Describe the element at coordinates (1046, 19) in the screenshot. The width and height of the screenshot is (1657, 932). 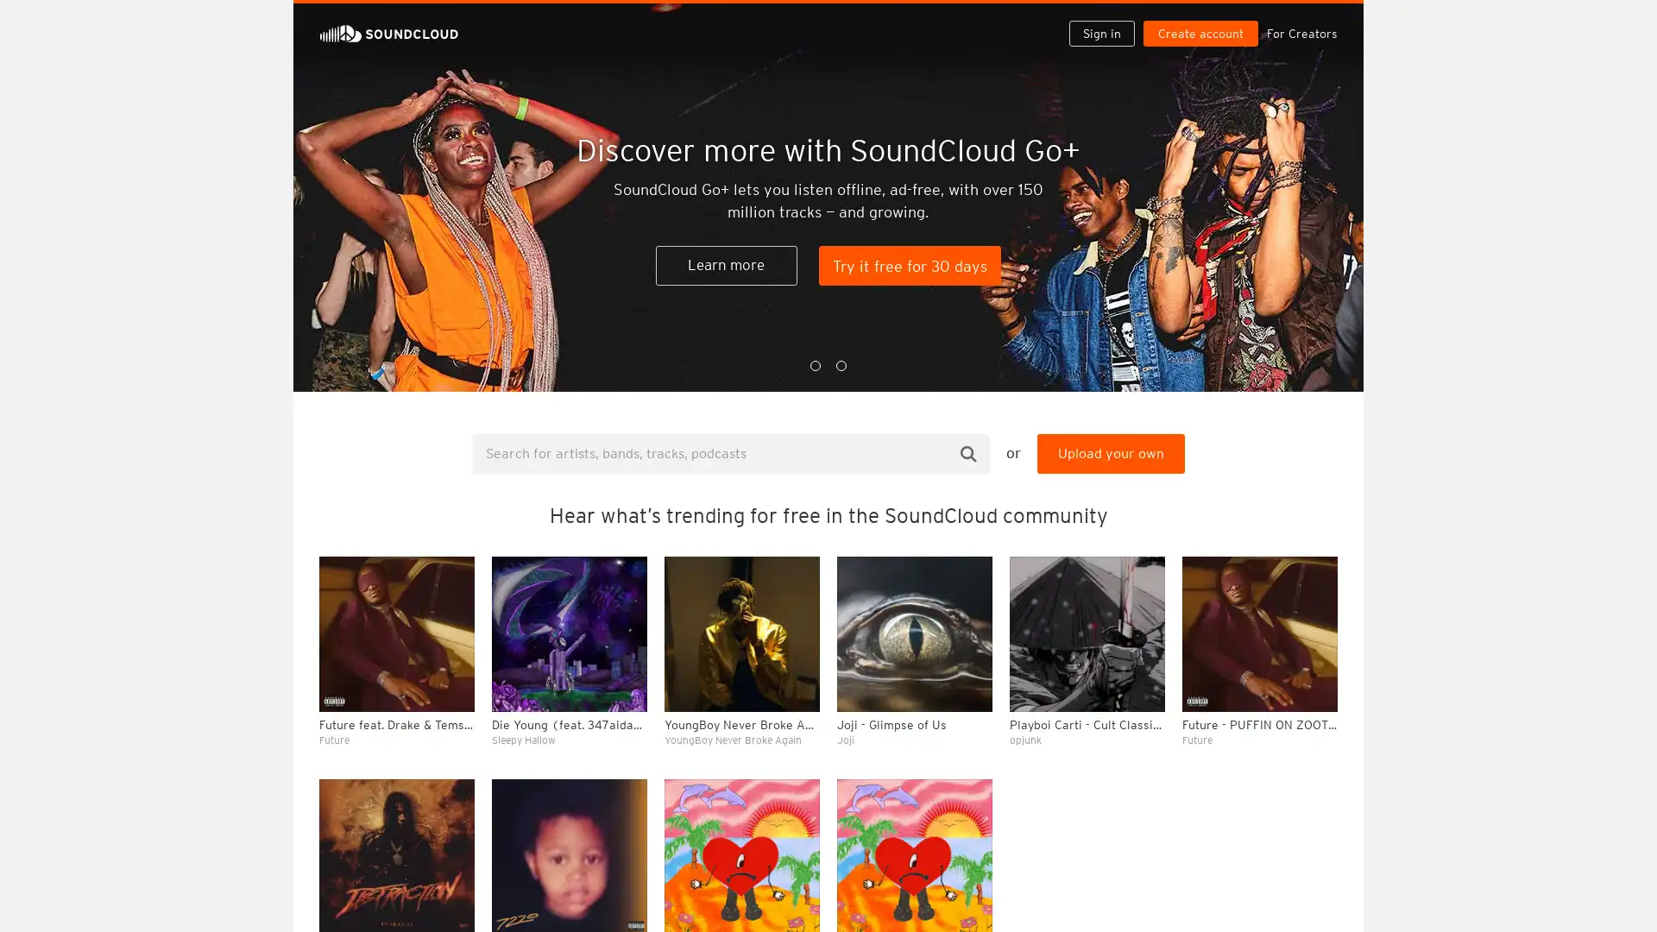
I see `Search` at that location.